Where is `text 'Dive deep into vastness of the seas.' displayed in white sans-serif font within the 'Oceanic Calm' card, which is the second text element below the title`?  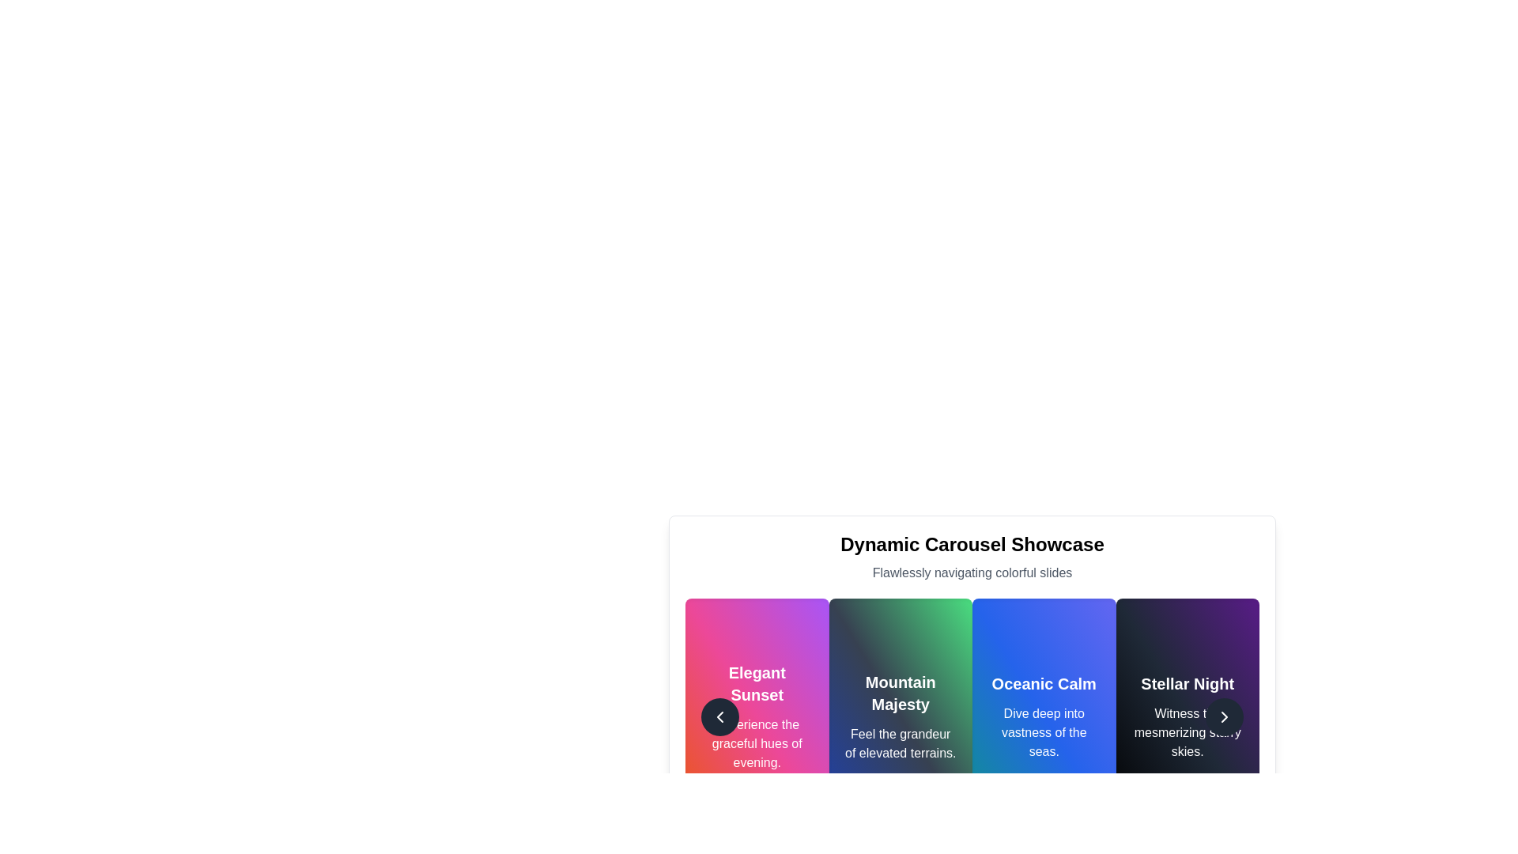 text 'Dive deep into vastness of the seas.' displayed in white sans-serif font within the 'Oceanic Calm' card, which is the second text element below the title is located at coordinates (1044, 732).